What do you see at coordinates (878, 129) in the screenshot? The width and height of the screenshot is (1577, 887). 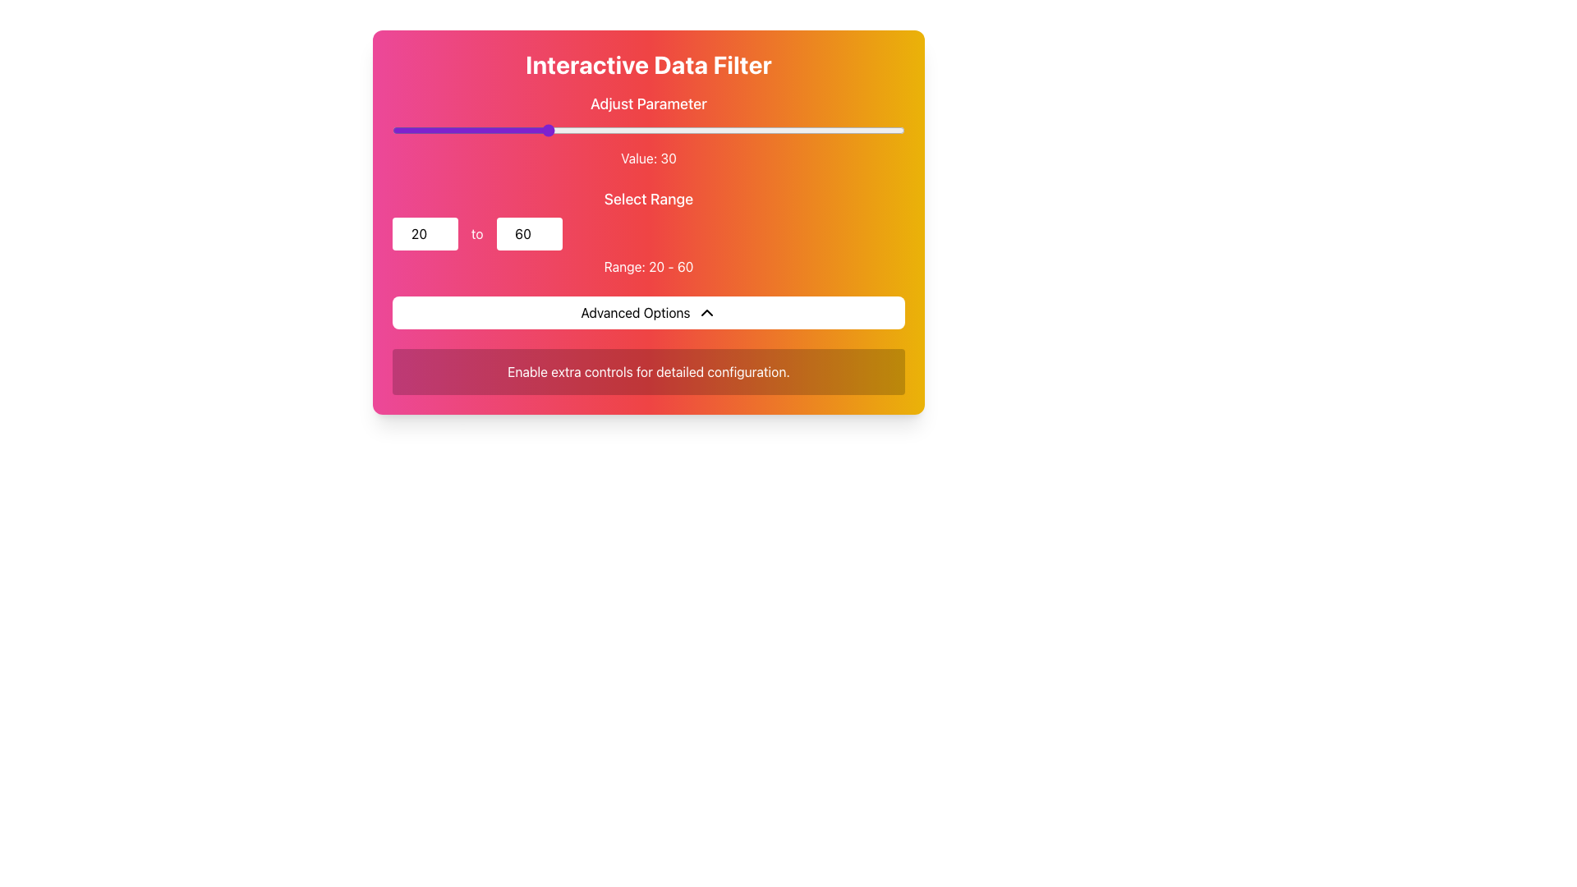 I see `the parameter` at bounding box center [878, 129].